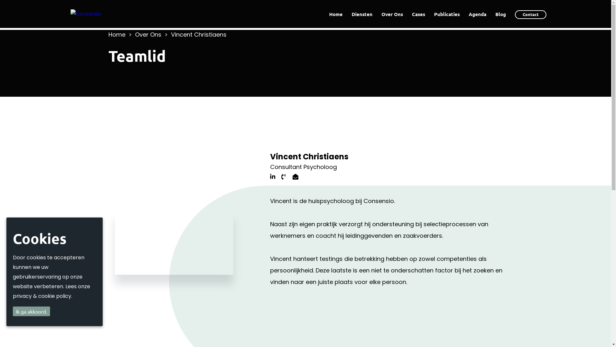 The width and height of the screenshot is (616, 347). Describe the element at coordinates (446, 13) in the screenshot. I see `'Publicaties'` at that location.